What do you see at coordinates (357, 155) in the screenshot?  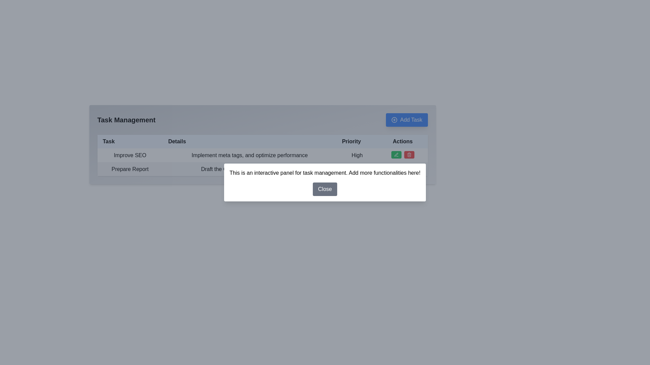 I see `the text label displaying 'High' which is part of the 'Priority' column in the task management table` at bounding box center [357, 155].